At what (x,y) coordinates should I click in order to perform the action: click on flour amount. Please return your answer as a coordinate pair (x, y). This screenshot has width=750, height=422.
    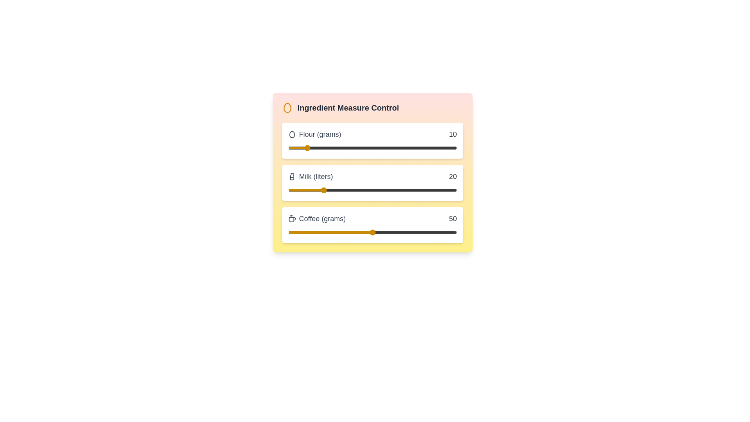
    Looking at the image, I should click on (315, 148).